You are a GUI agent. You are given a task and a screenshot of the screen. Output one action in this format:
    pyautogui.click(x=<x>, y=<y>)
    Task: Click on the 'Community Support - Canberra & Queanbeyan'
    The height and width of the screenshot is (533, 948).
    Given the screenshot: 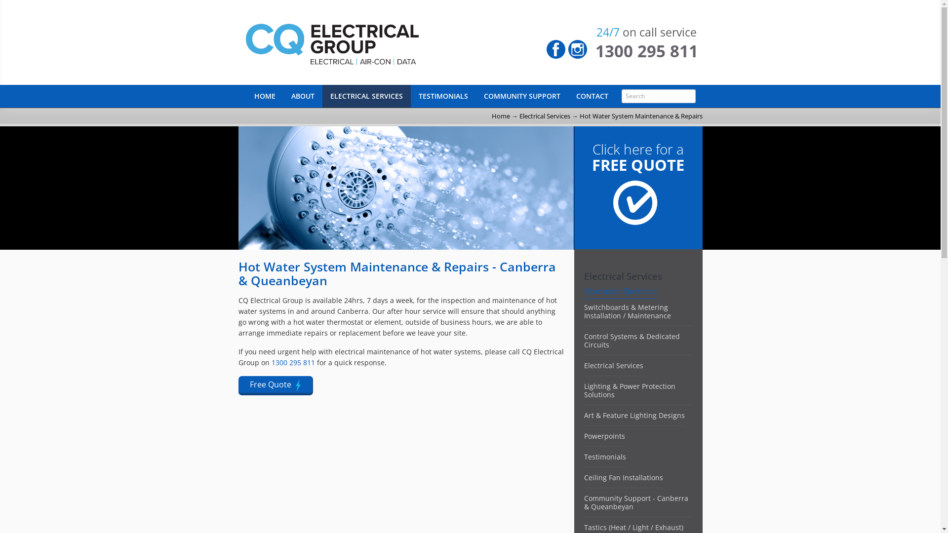 What is the action you would take?
    pyautogui.click(x=635, y=502)
    